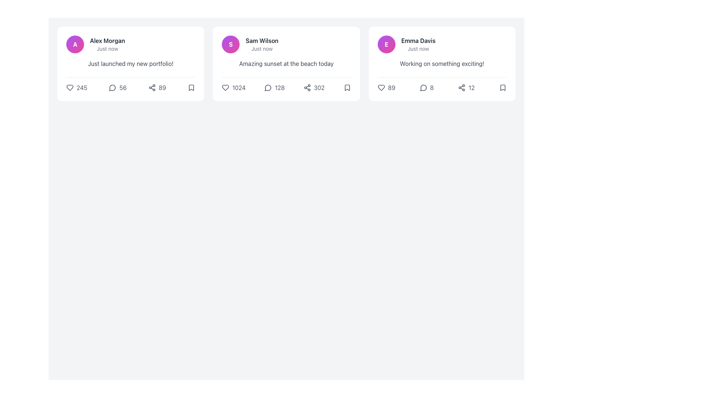 This screenshot has width=711, height=400. I want to click on the share icon associated with the post by 'Sam Wilson', so click(307, 87).